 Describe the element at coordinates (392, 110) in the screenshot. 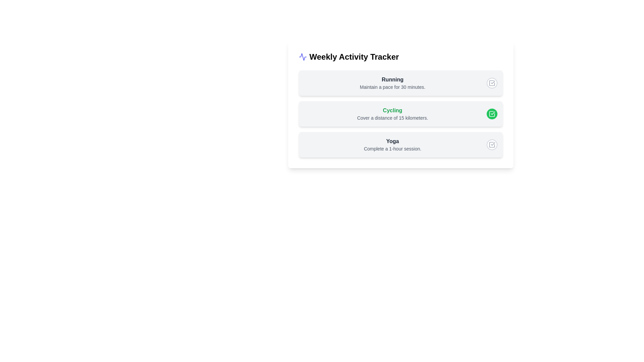

I see `text element that displays 'Cycling' located in the second activity block beneath the 'Weekly Activity Tracker' header` at that location.